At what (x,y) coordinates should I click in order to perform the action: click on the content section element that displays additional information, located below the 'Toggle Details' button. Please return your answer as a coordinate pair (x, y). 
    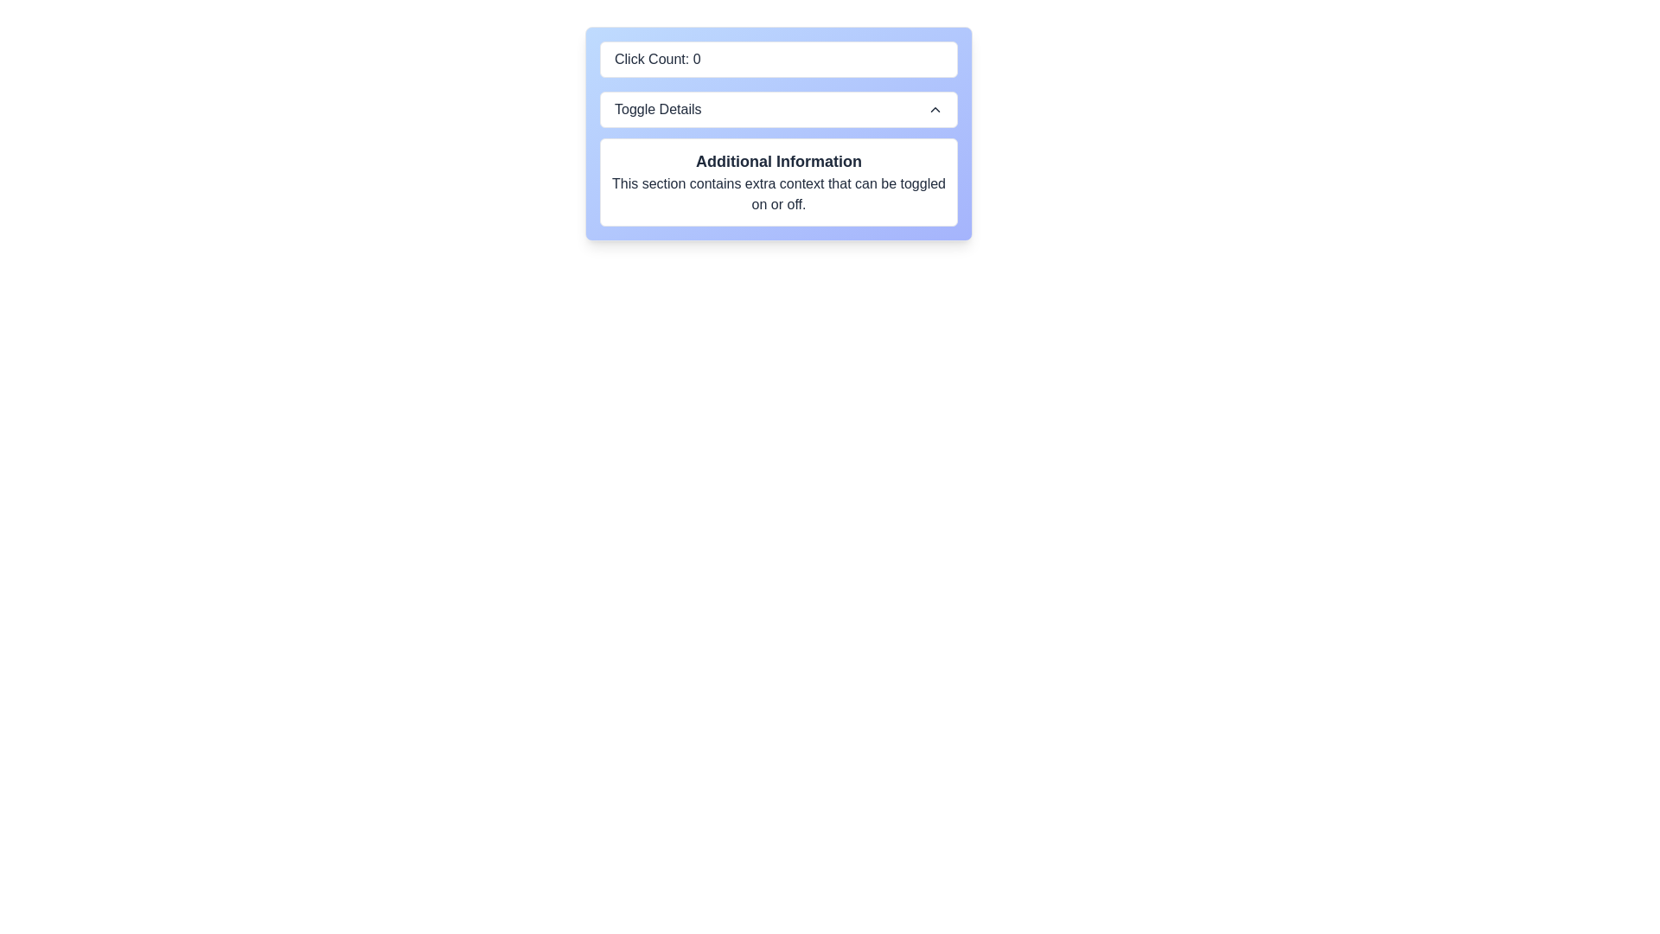
    Looking at the image, I should click on (778, 182).